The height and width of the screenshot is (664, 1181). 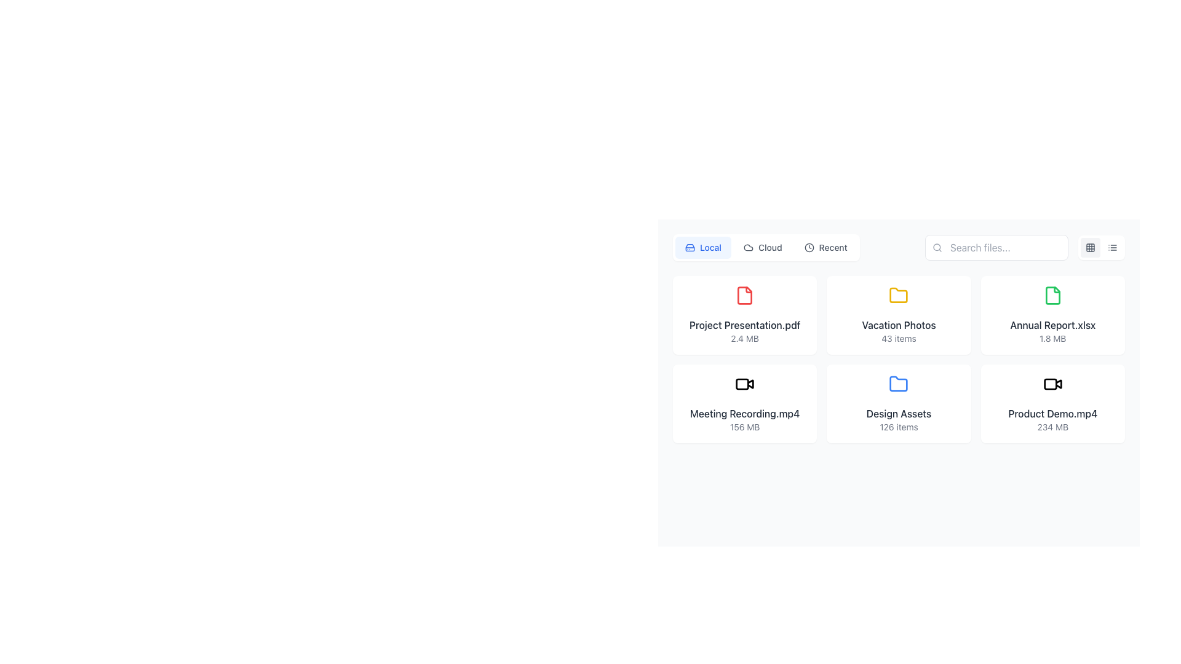 I want to click on the text label displaying the file size '2.4 MB' located directly below 'Project Presentation.pdf' in the first card of the upper-left section of the grid layout, so click(x=744, y=339).